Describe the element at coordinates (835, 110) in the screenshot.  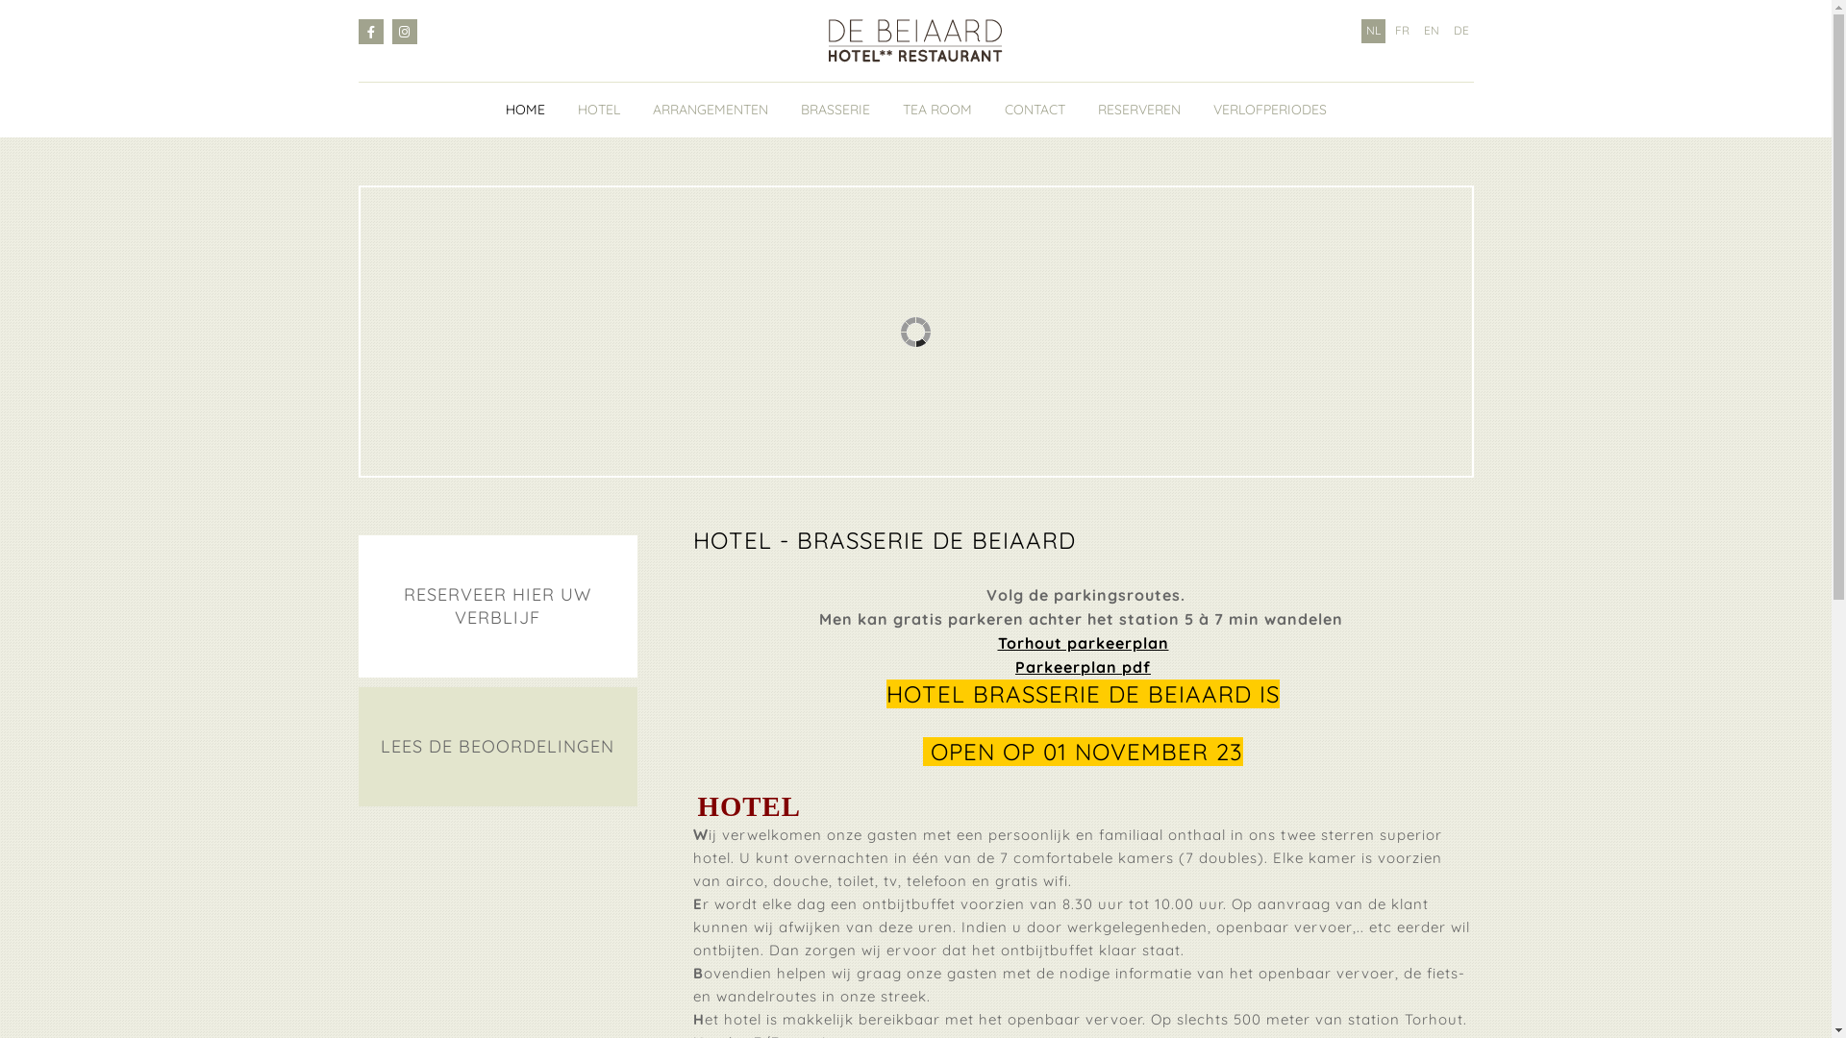
I see `'BRASSERIE'` at that location.